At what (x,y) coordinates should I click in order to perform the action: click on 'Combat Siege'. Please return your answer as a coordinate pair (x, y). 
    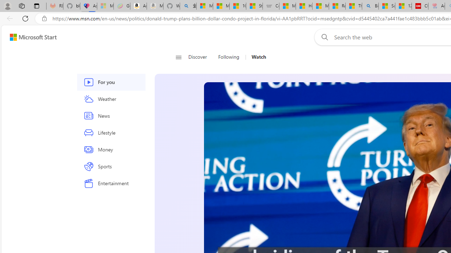
    Looking at the image, I should click on (271, 6).